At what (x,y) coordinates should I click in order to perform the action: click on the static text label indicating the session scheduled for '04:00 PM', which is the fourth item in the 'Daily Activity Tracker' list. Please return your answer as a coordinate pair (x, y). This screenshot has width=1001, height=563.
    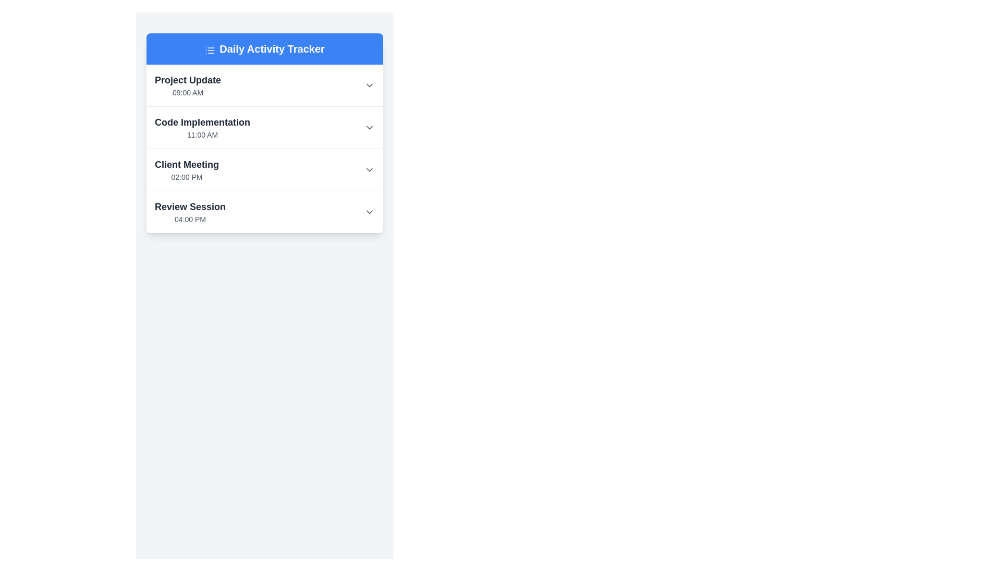
    Looking at the image, I should click on (190, 207).